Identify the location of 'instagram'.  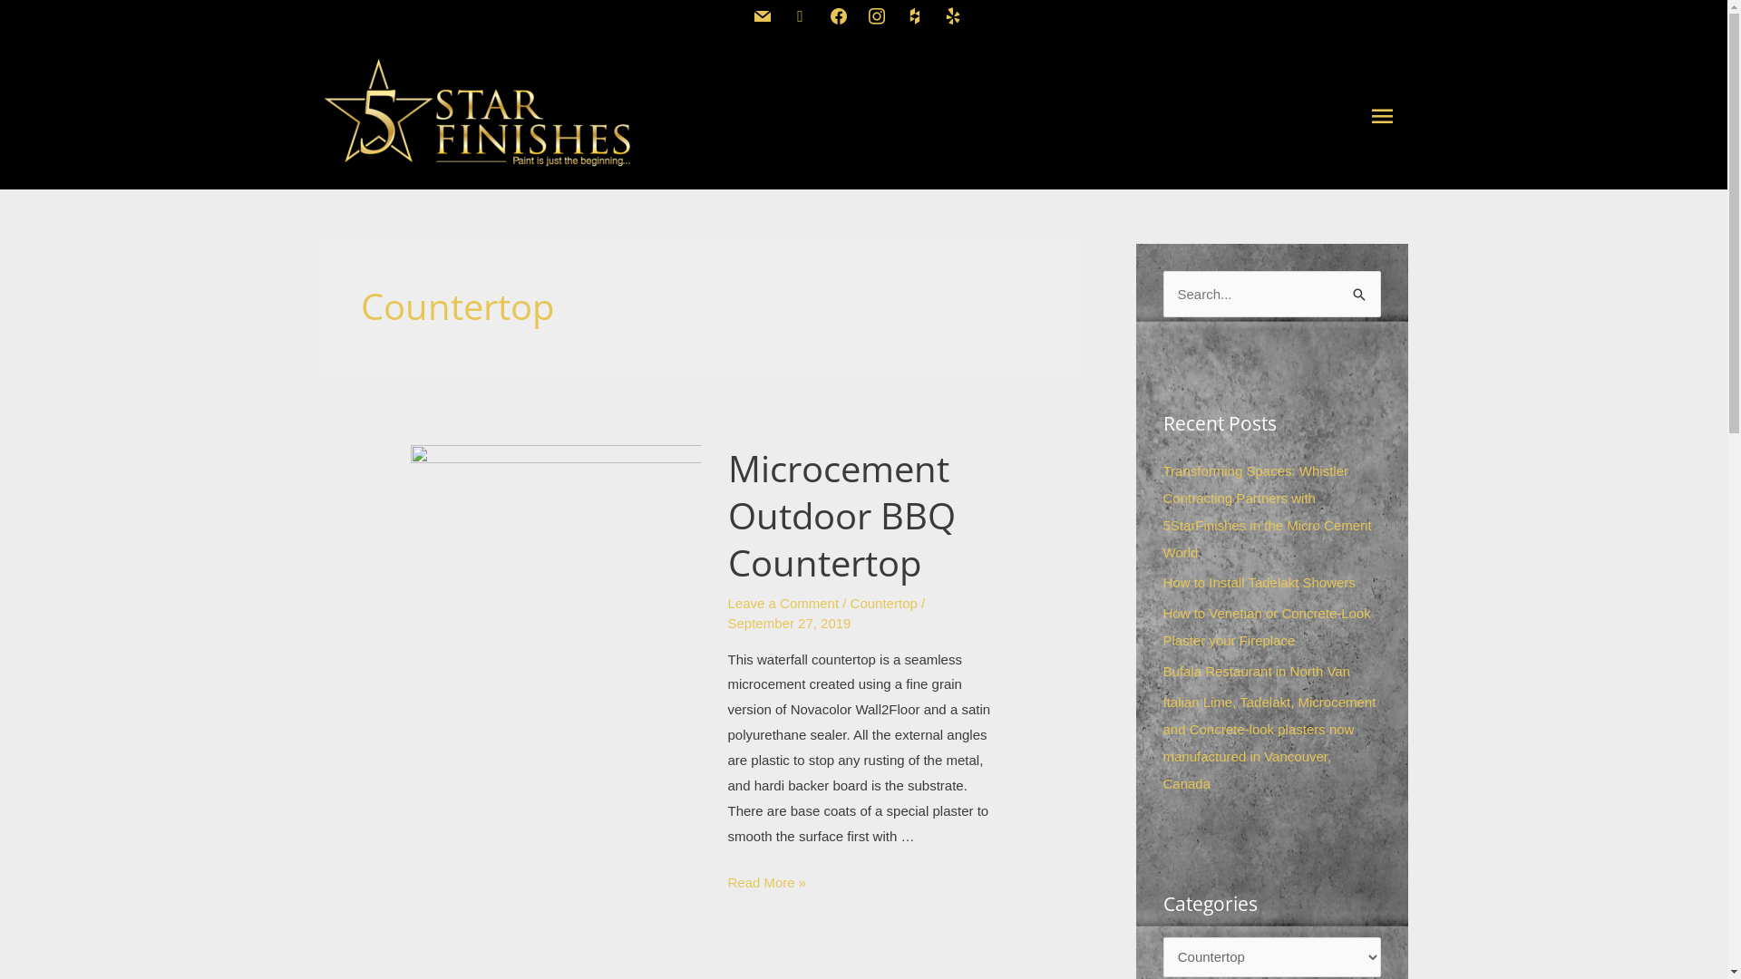
(876, 15).